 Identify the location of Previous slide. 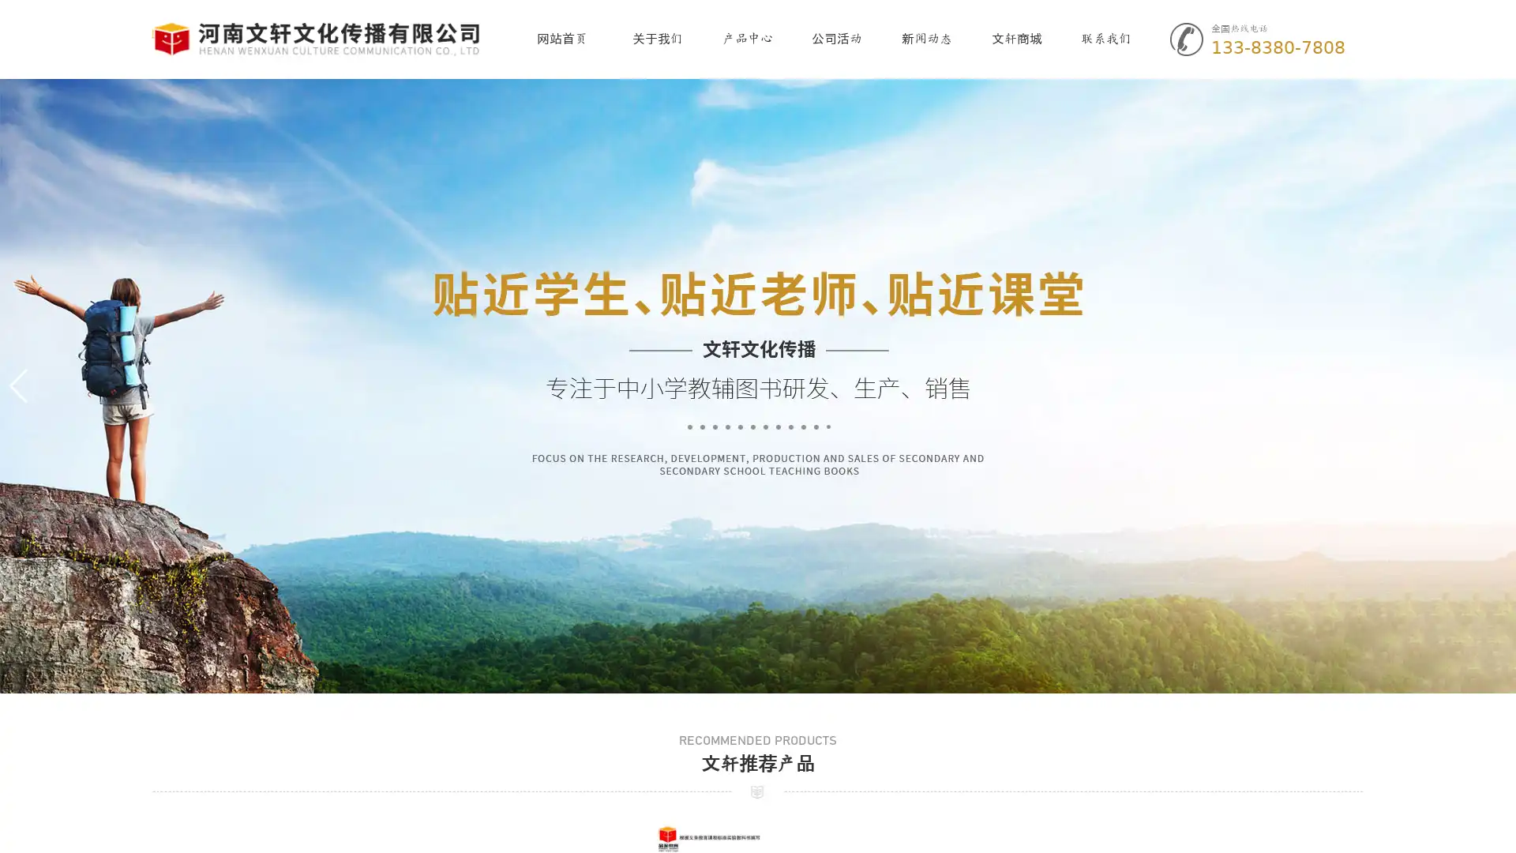
(18, 386).